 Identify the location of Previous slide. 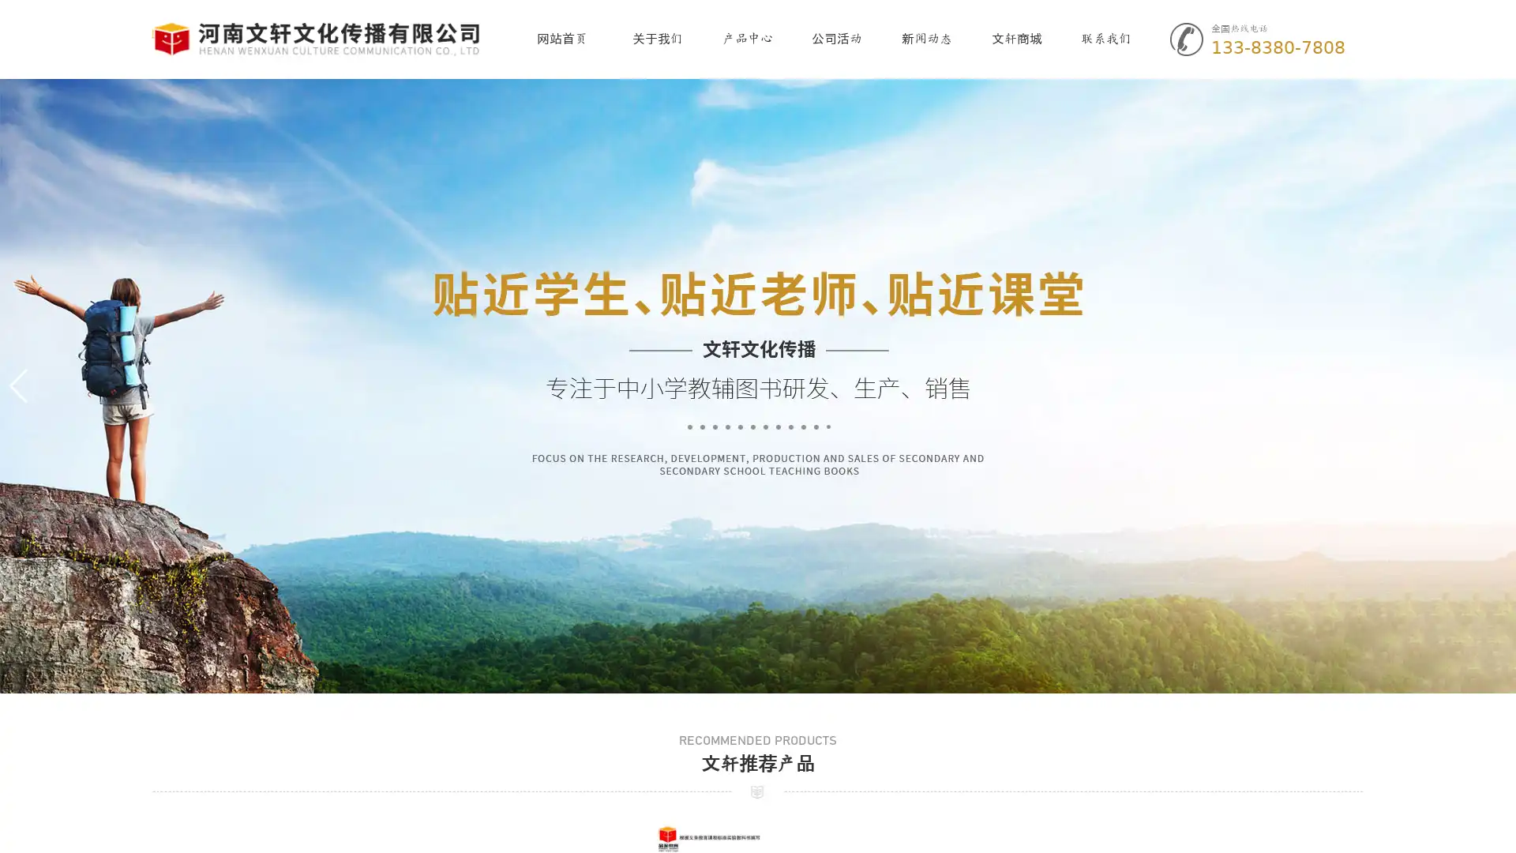
(18, 386).